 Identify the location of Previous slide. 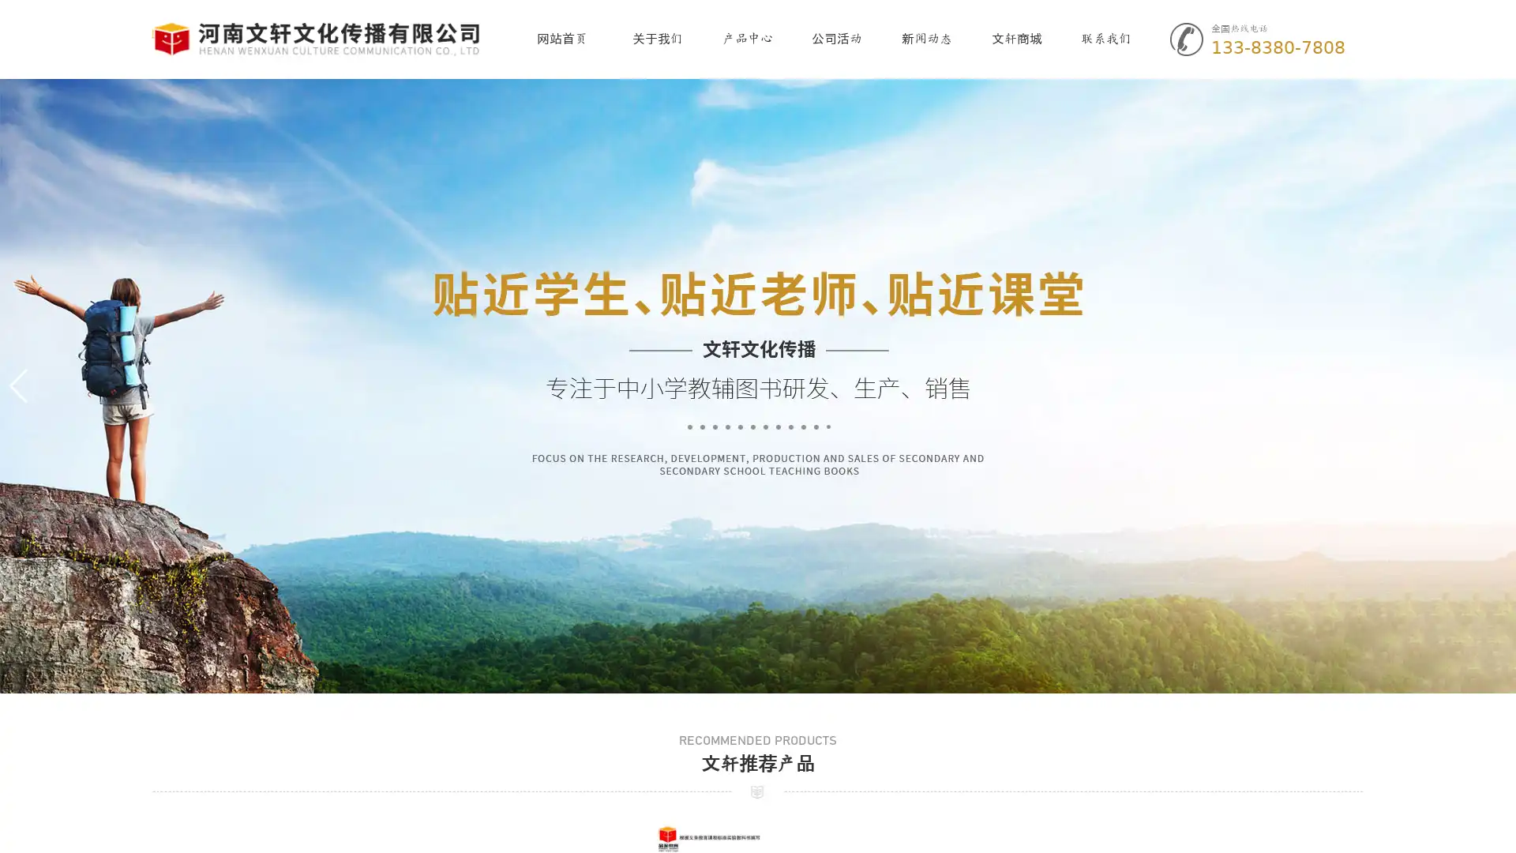
(18, 386).